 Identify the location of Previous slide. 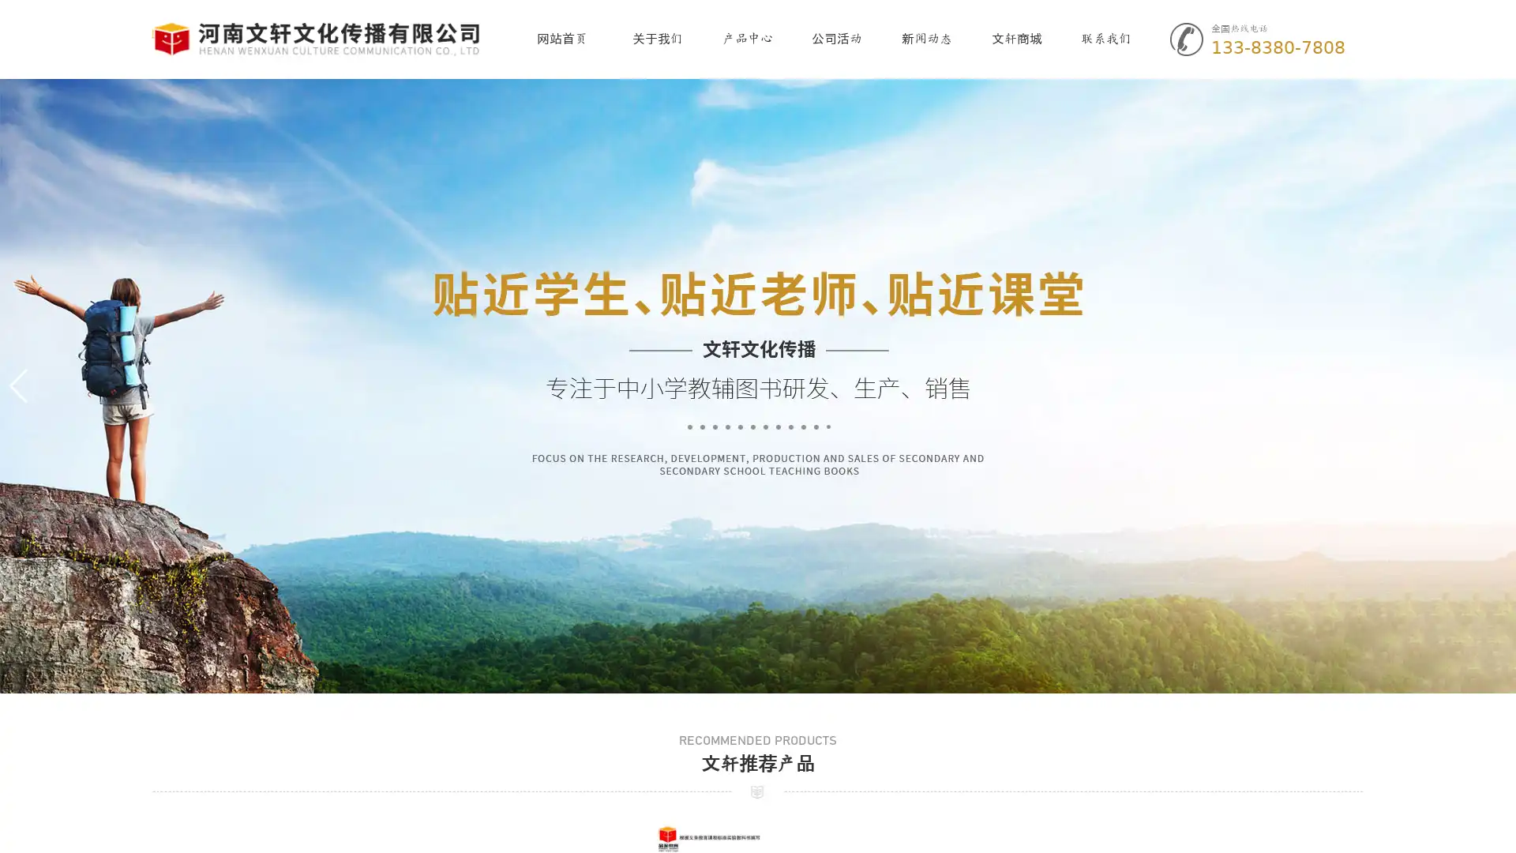
(18, 386).